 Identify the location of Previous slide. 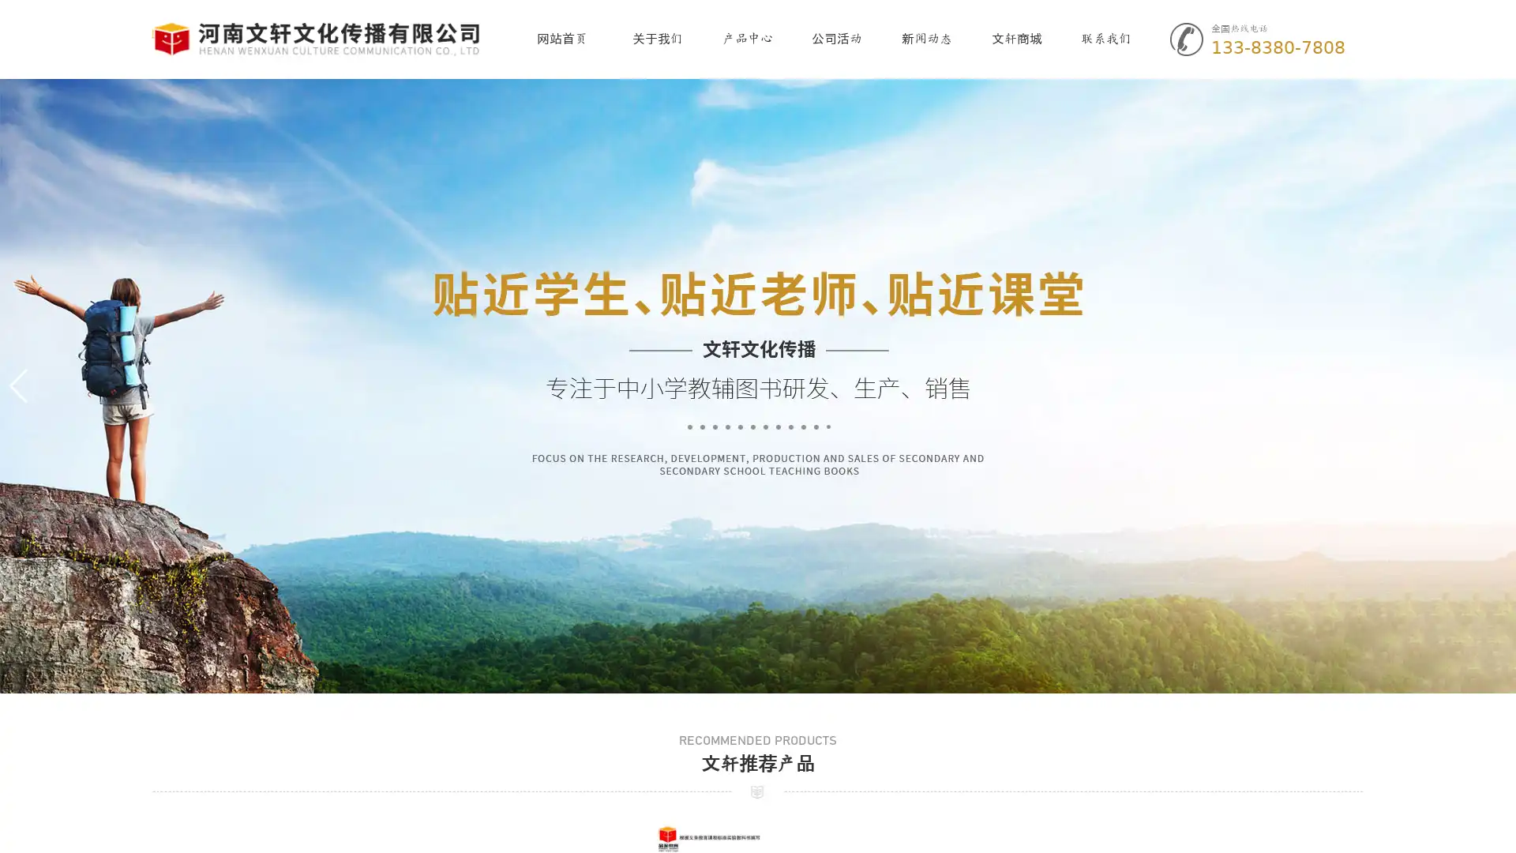
(18, 386).